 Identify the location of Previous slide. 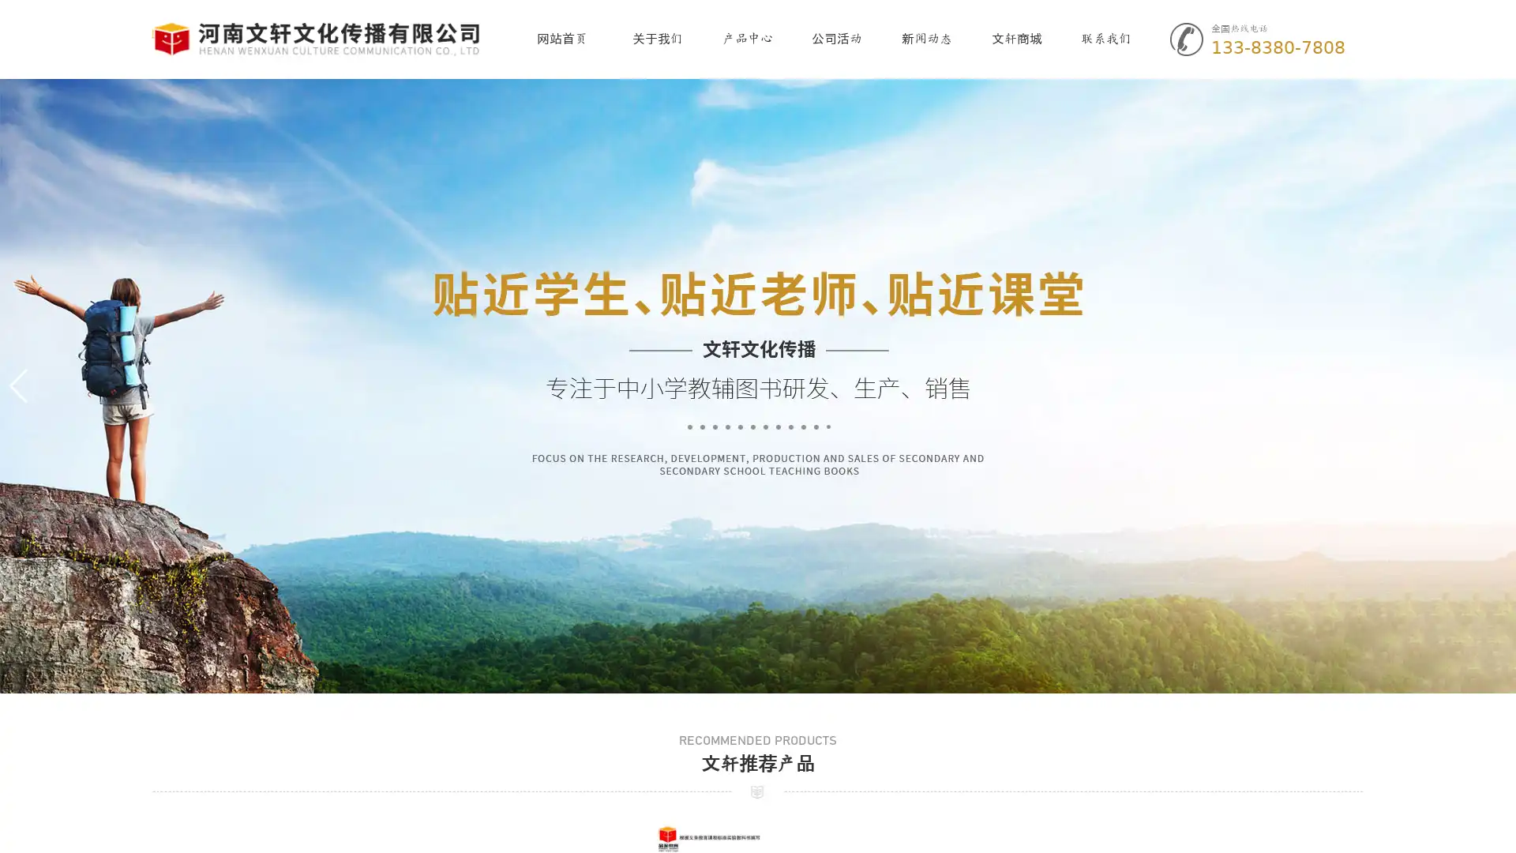
(18, 386).